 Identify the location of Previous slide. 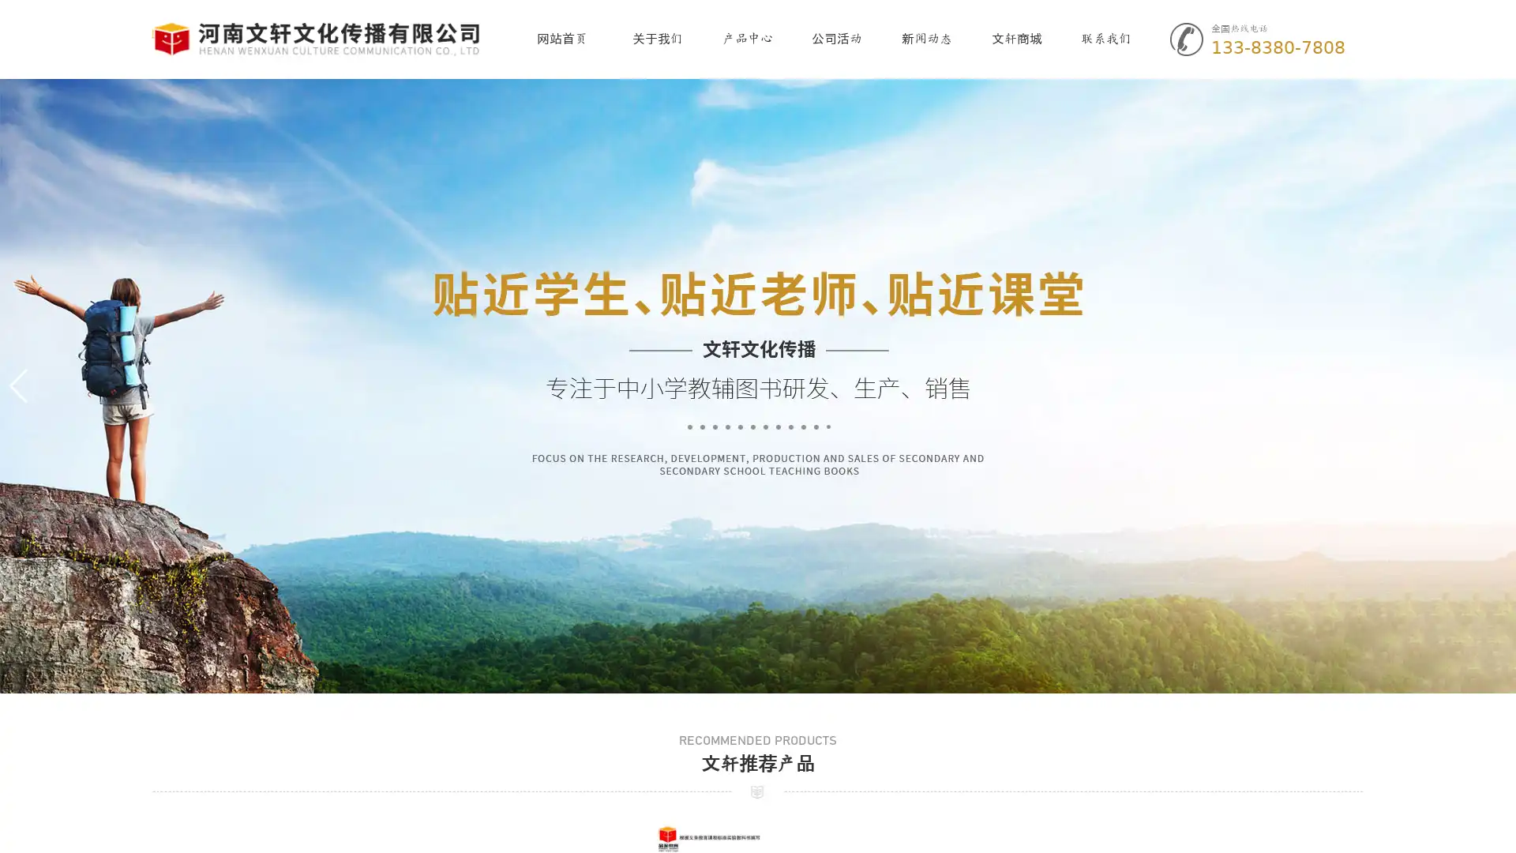
(18, 386).